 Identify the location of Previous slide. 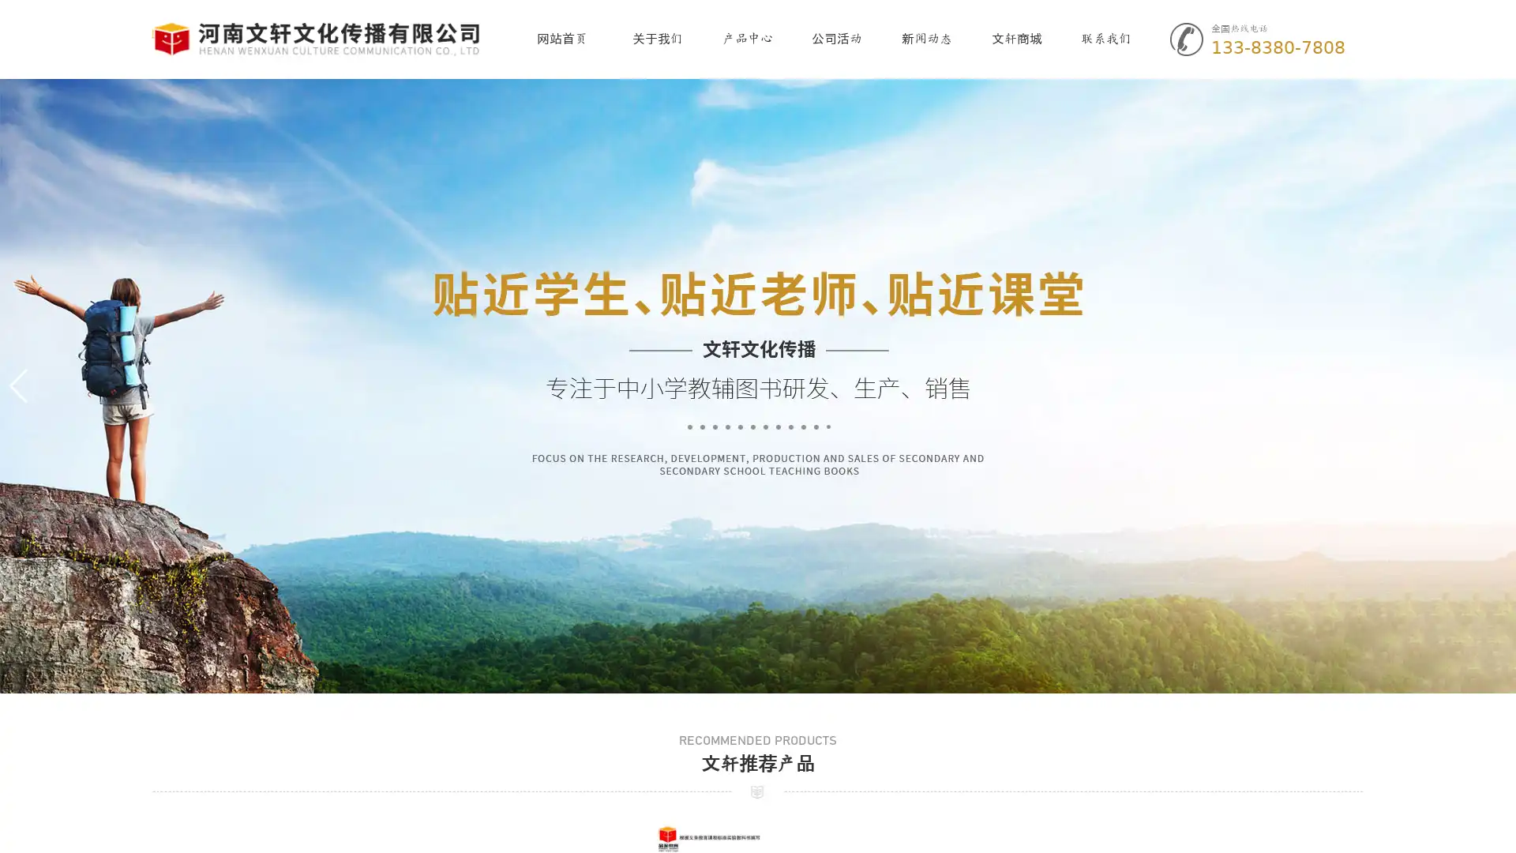
(18, 386).